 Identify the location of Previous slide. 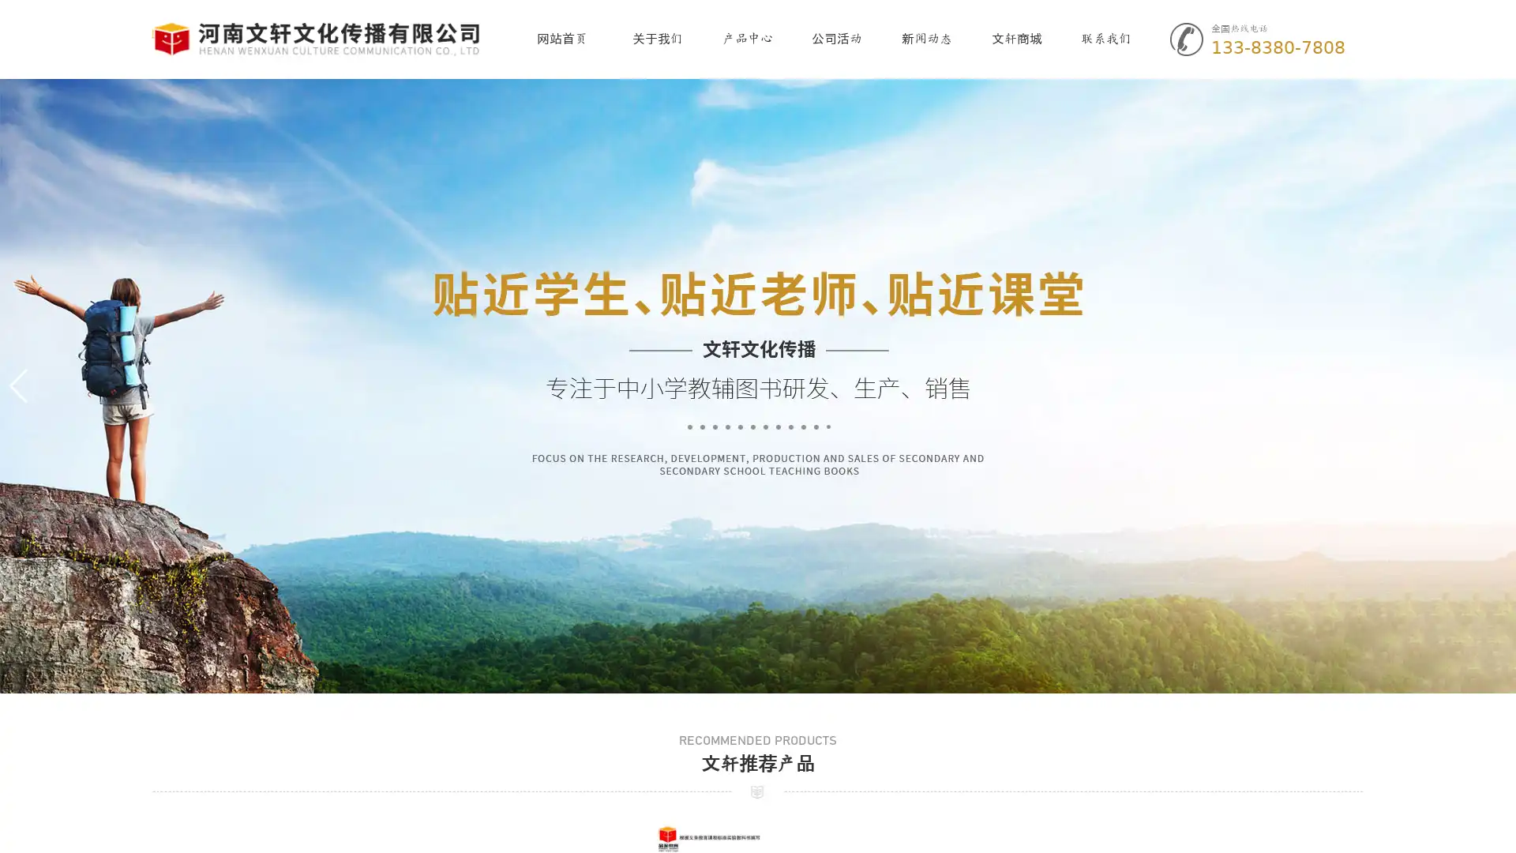
(18, 386).